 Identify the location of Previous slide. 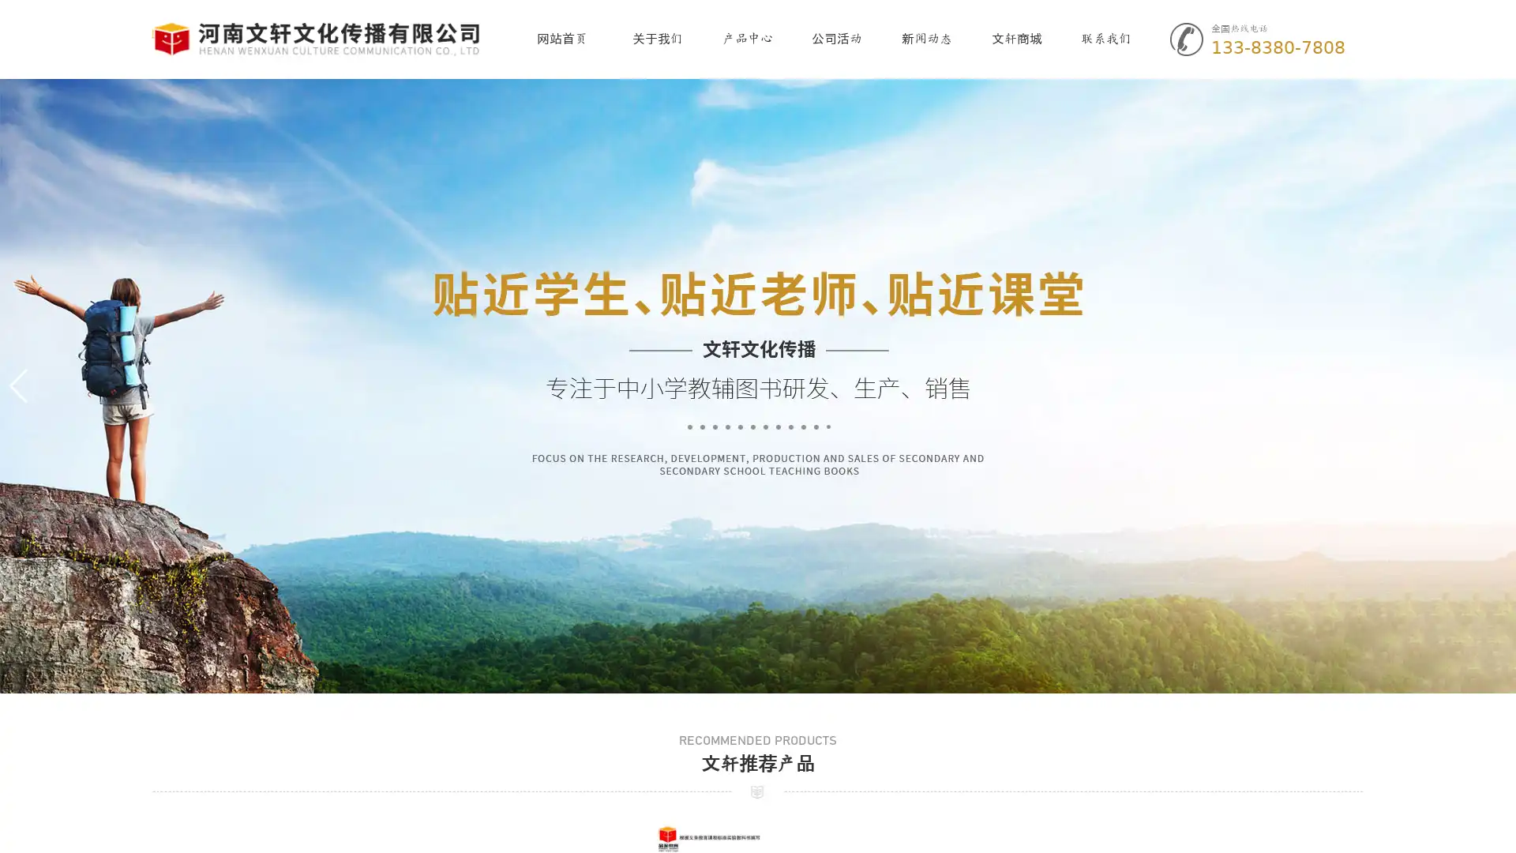
(18, 386).